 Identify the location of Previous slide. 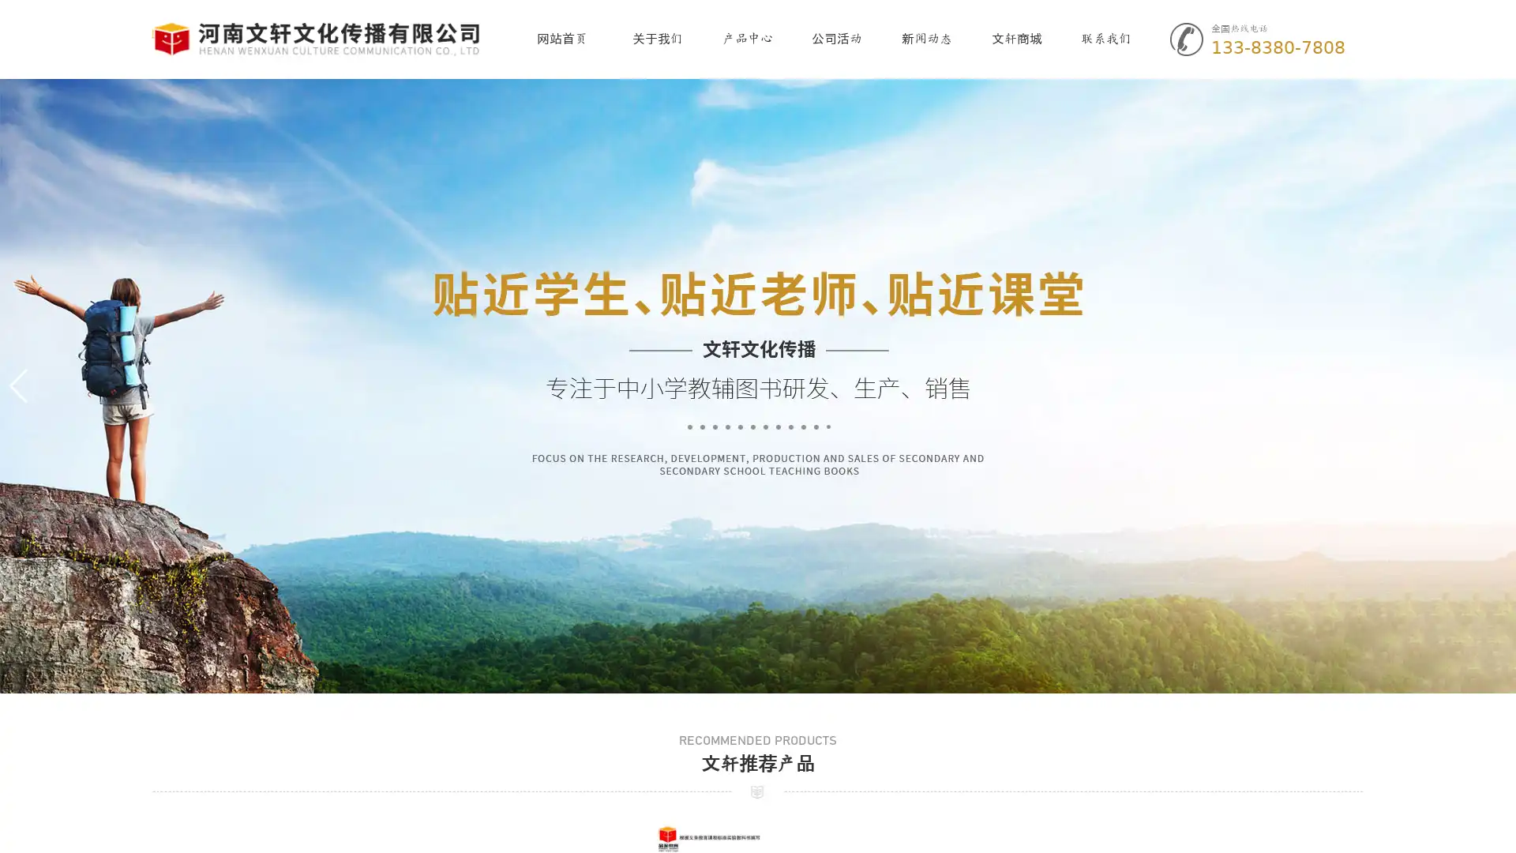
(18, 386).